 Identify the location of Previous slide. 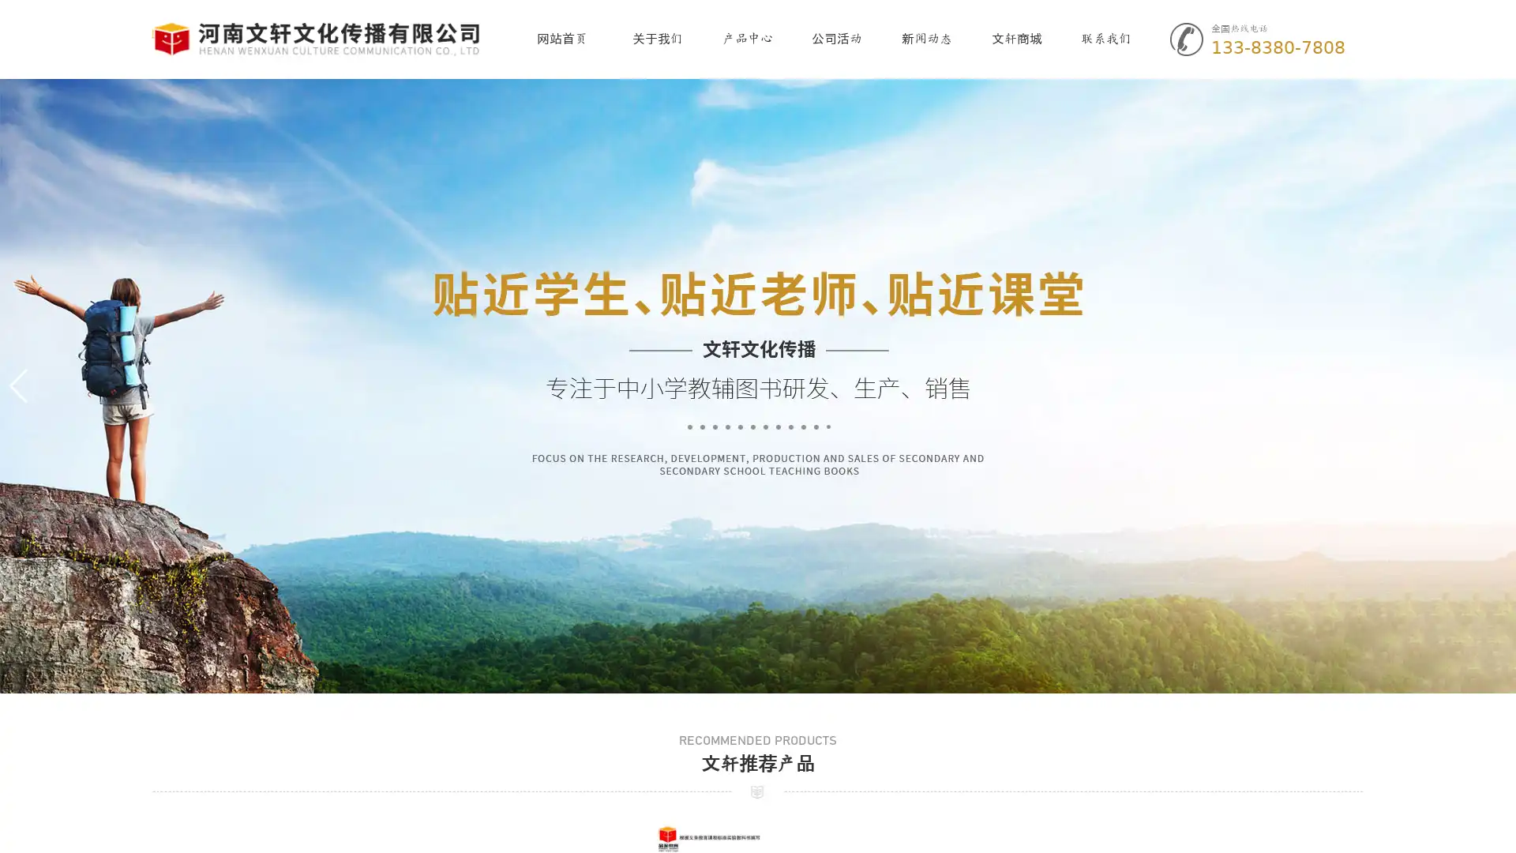
(18, 386).